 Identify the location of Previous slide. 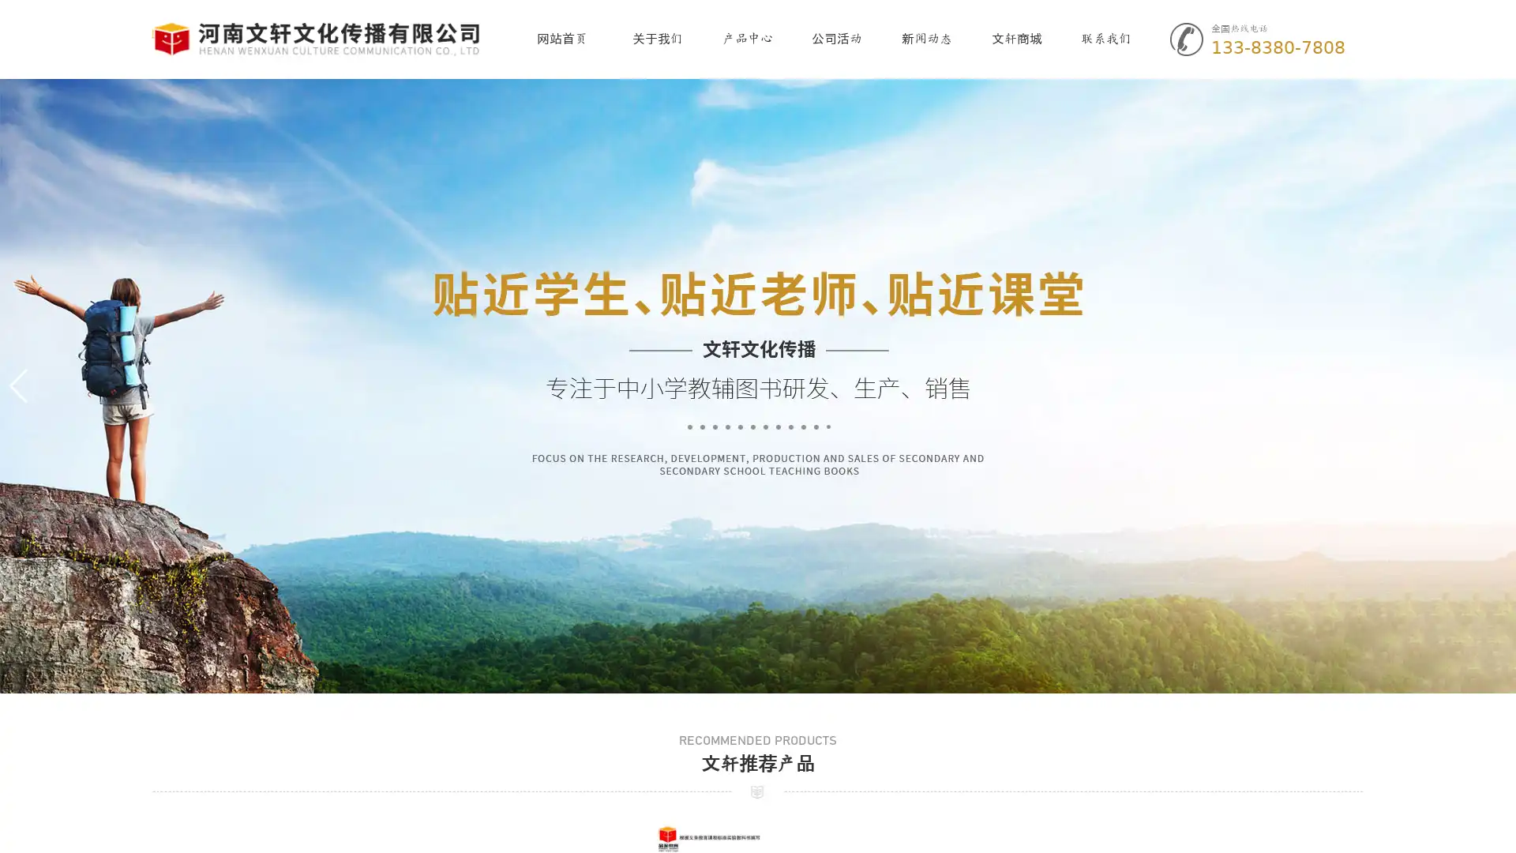
(18, 386).